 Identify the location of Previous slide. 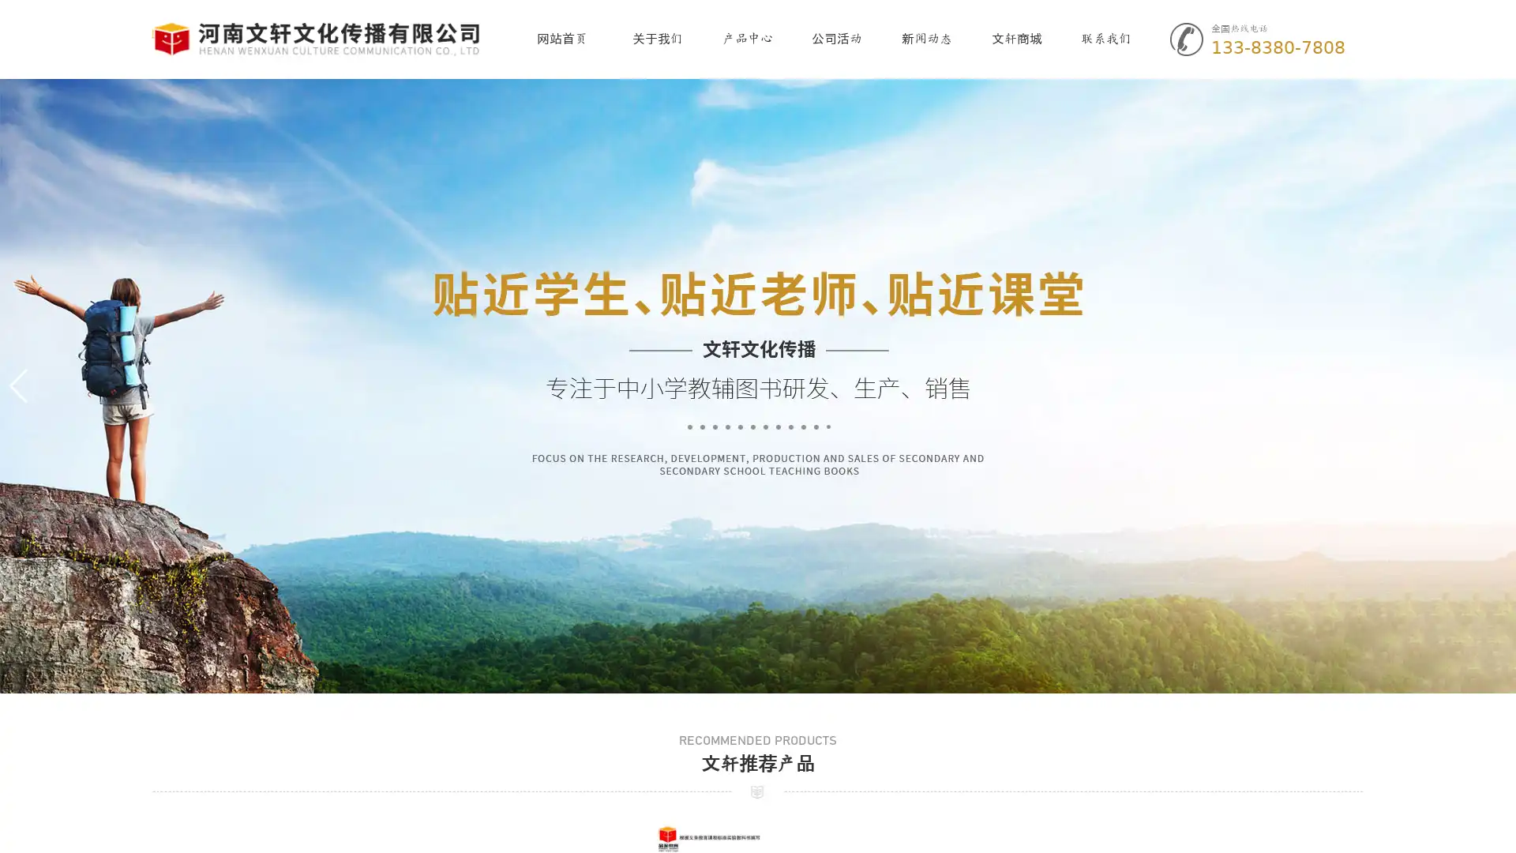
(18, 386).